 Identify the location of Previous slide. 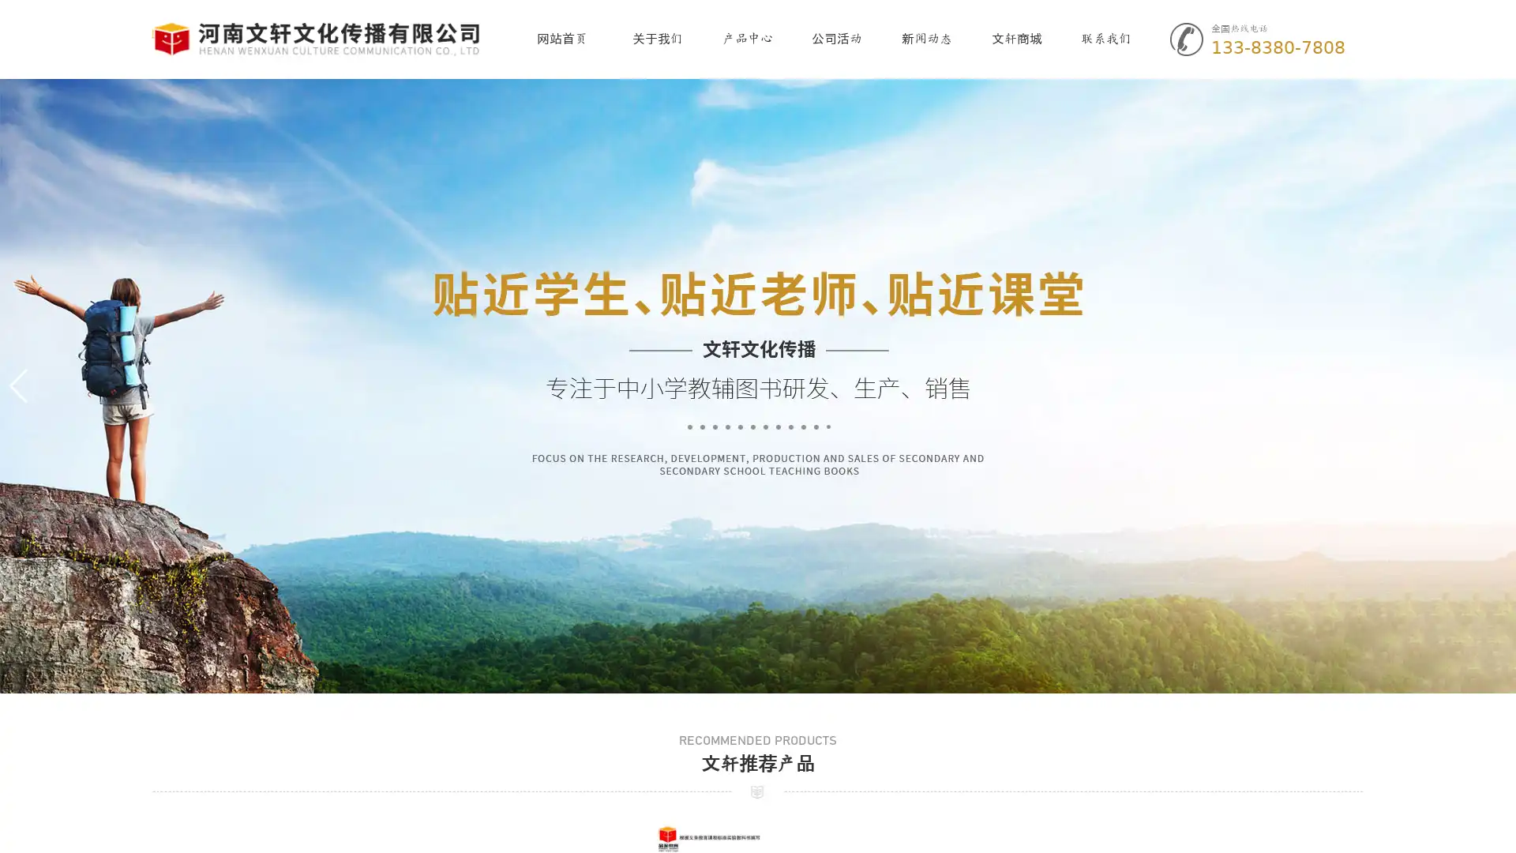
(18, 386).